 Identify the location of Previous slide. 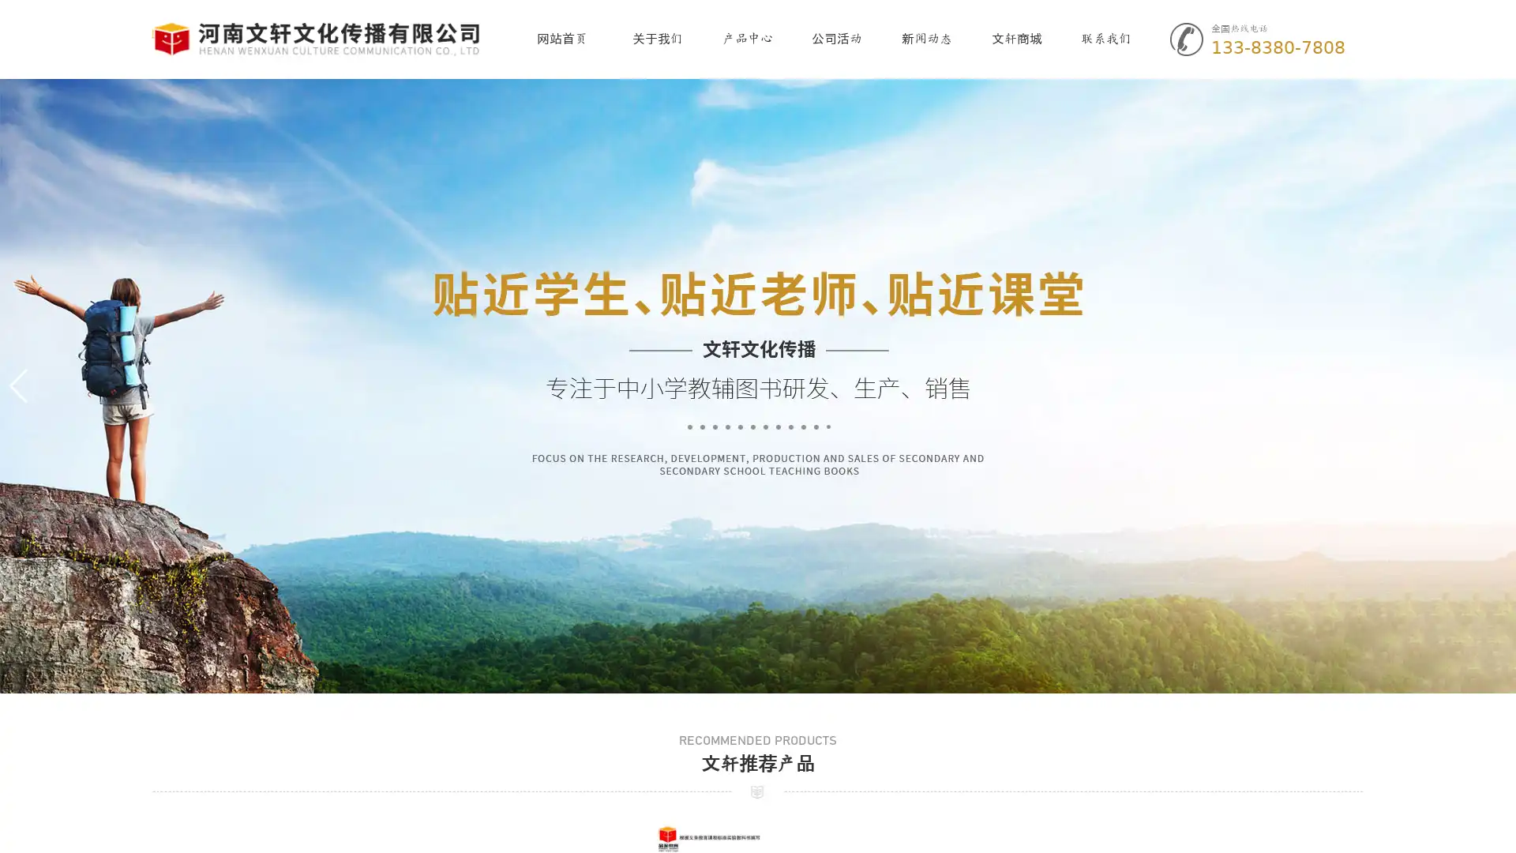
(18, 386).